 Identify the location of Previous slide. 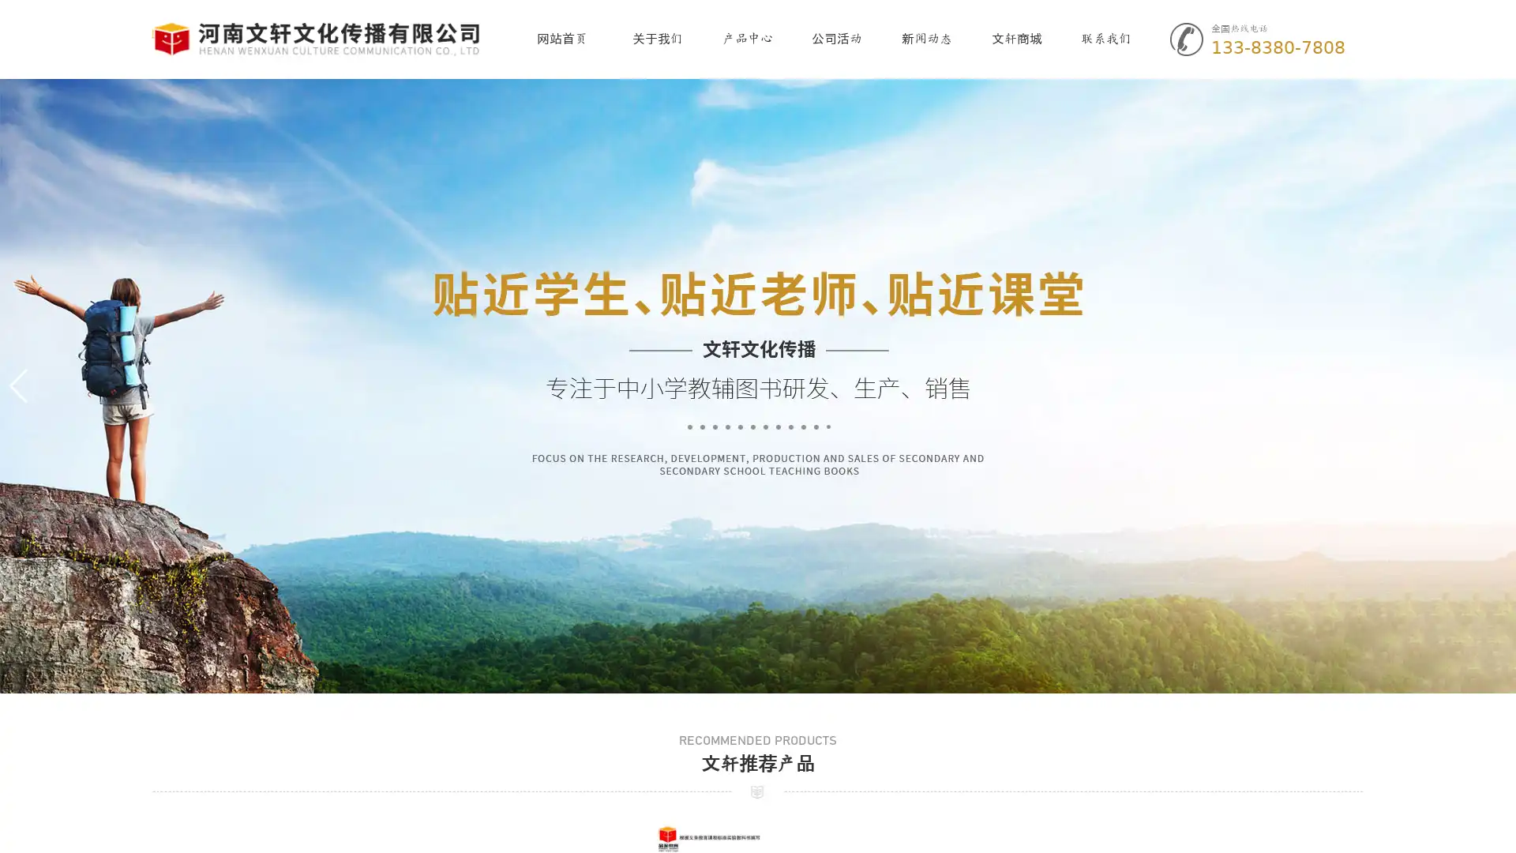
(18, 386).